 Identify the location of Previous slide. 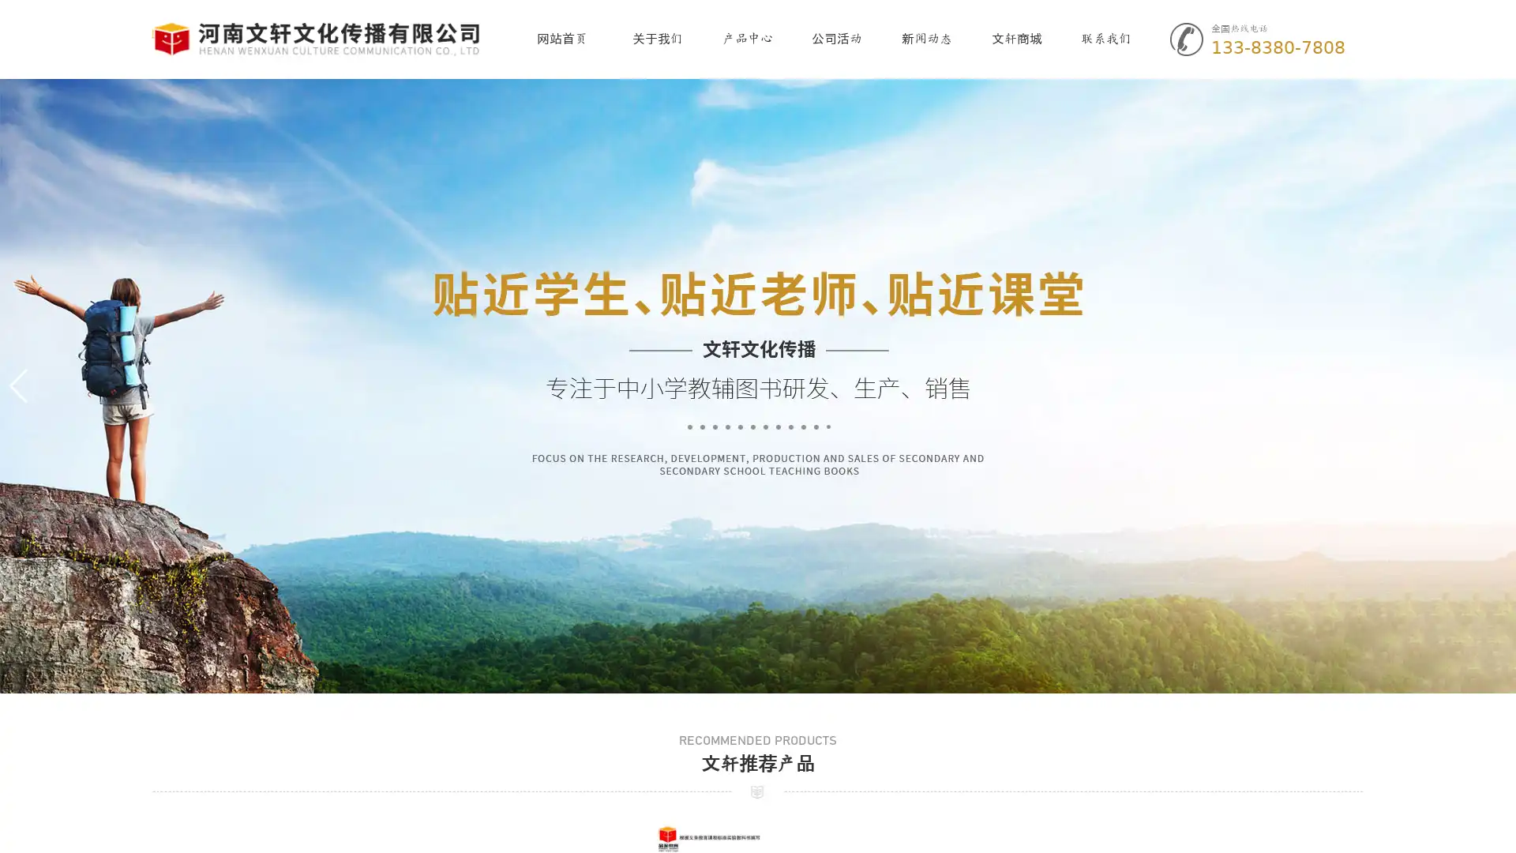
(18, 386).